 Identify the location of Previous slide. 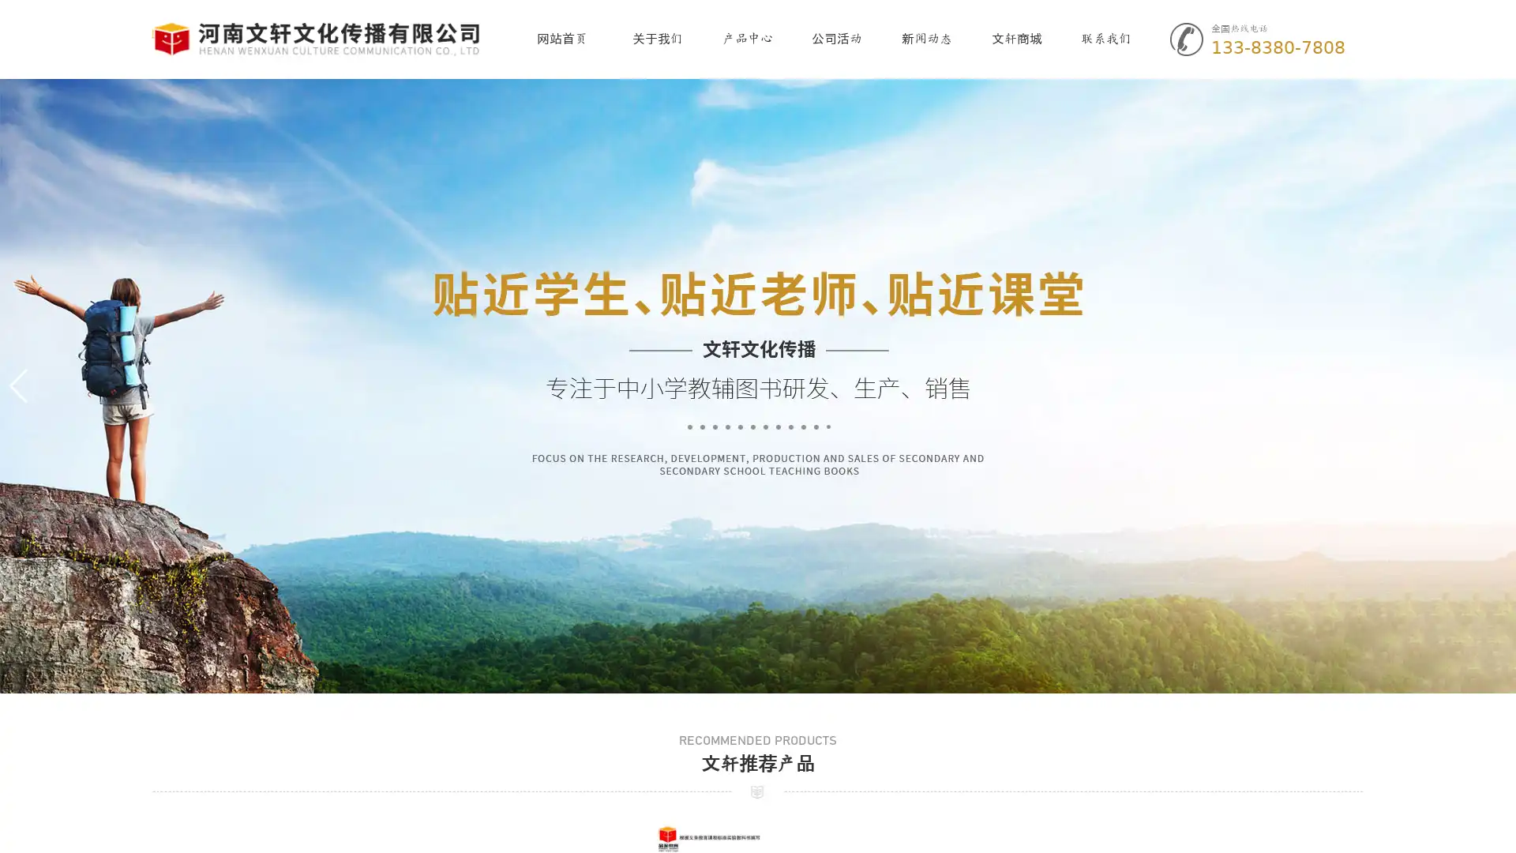
(18, 386).